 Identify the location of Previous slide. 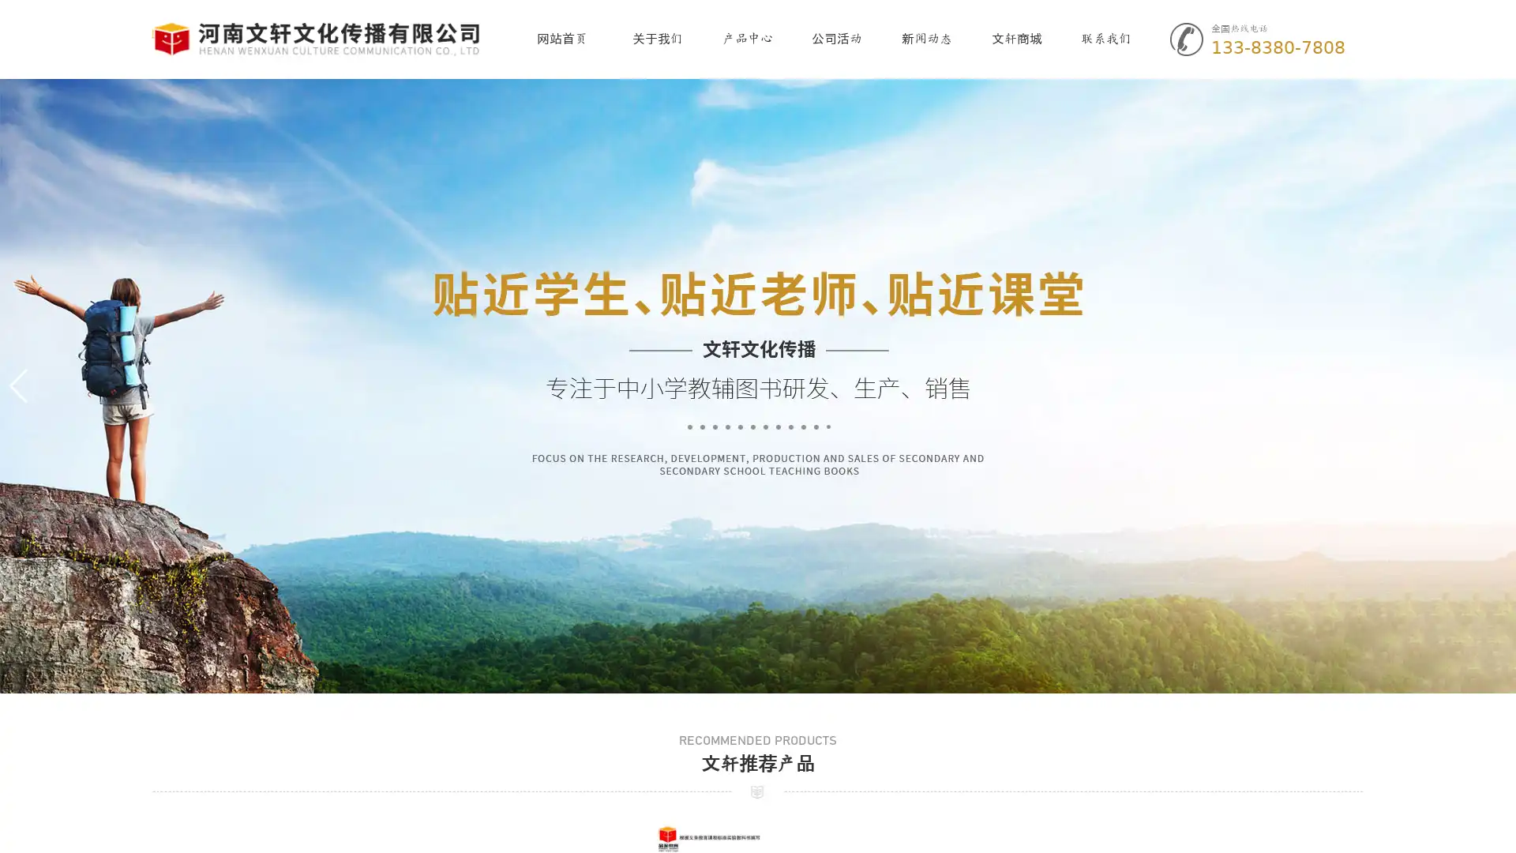
(18, 386).